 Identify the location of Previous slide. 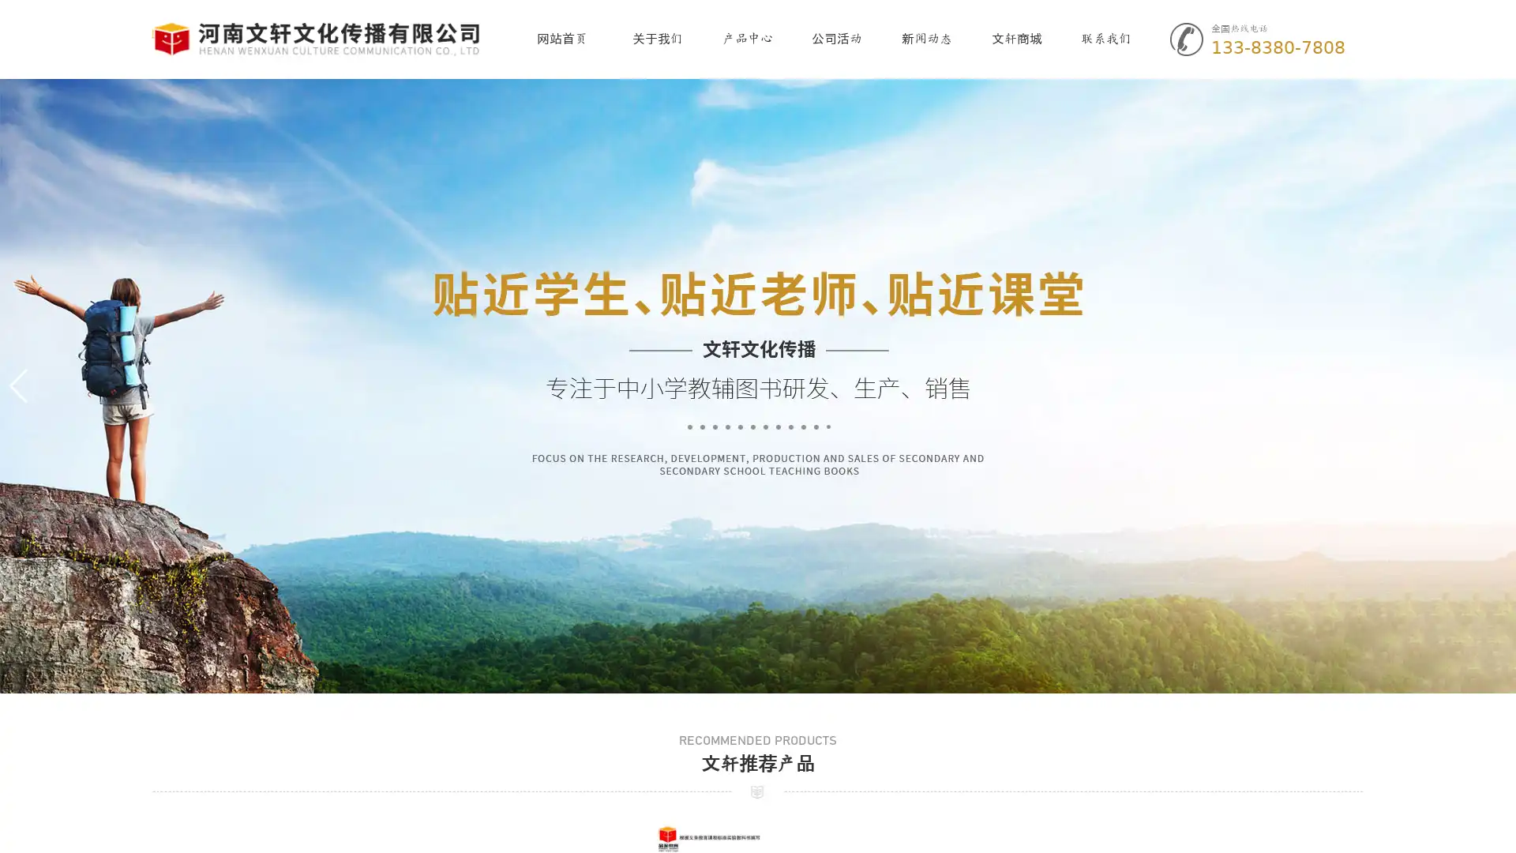
(18, 386).